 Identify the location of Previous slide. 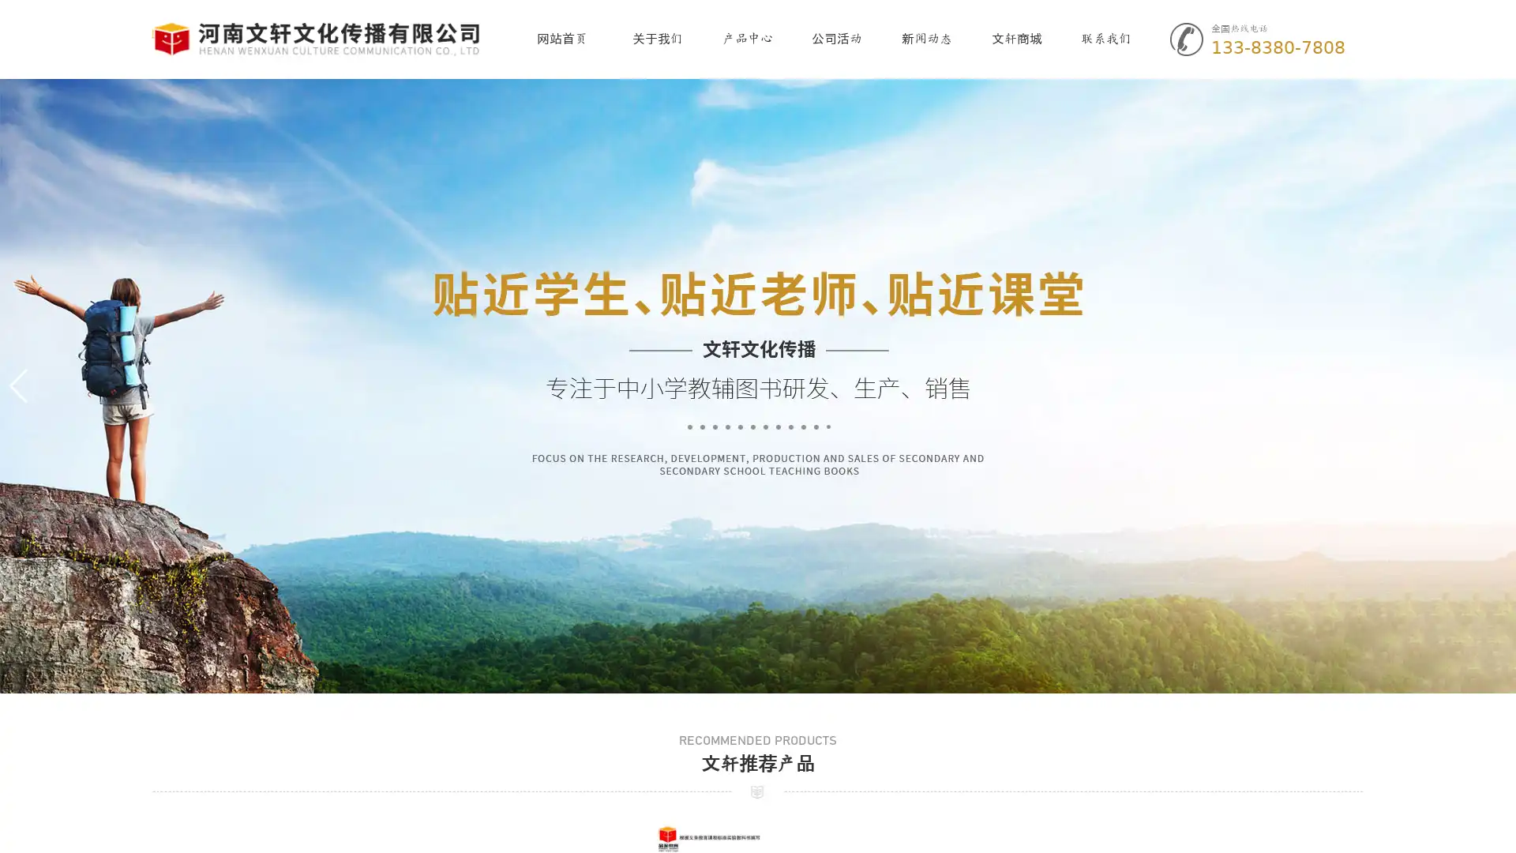
(18, 386).